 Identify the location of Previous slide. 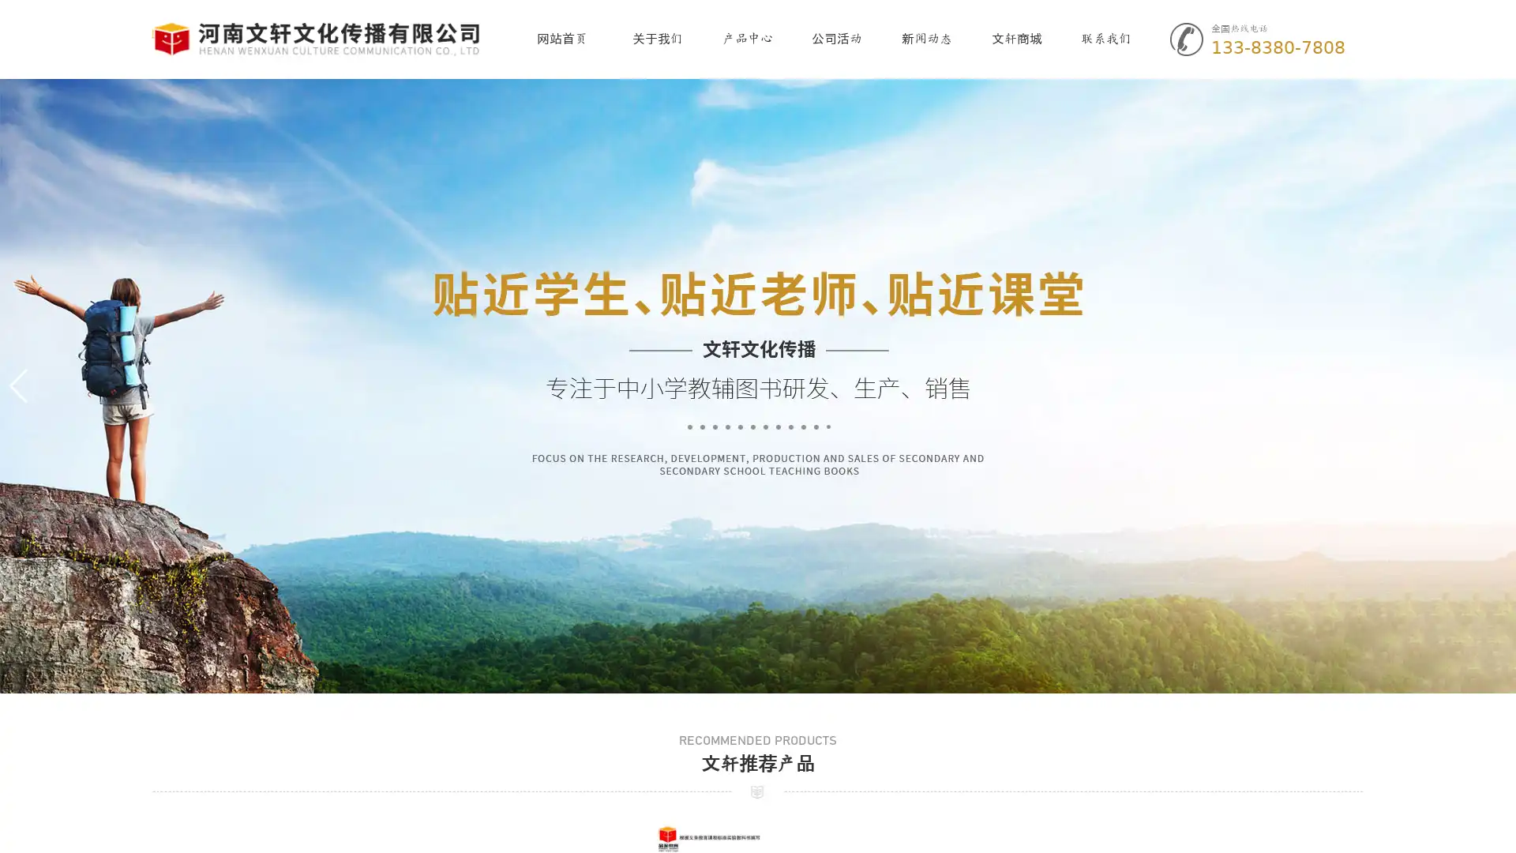
(18, 386).